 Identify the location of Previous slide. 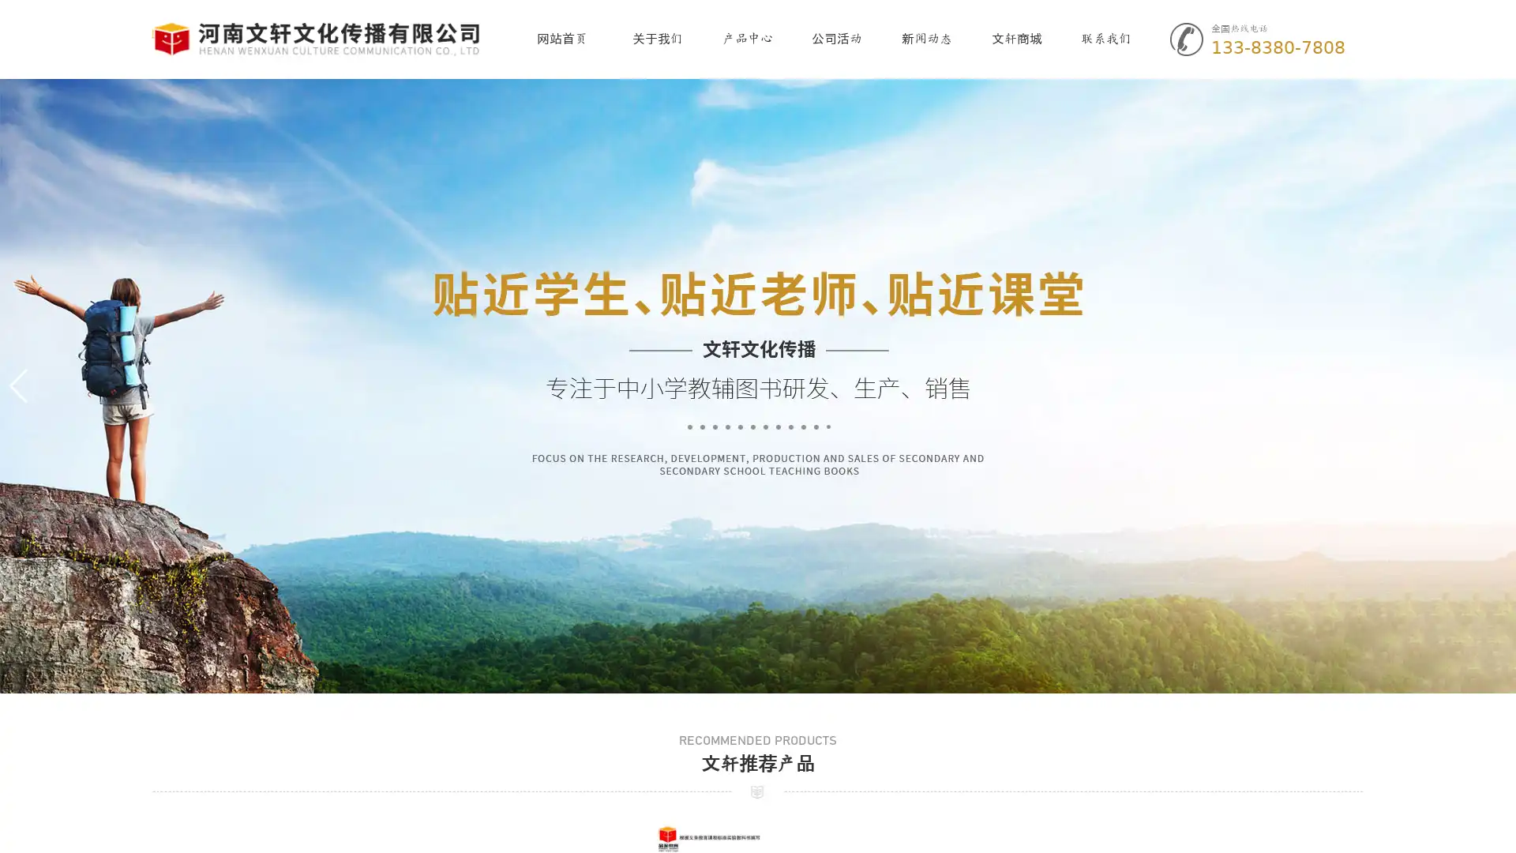
(18, 386).